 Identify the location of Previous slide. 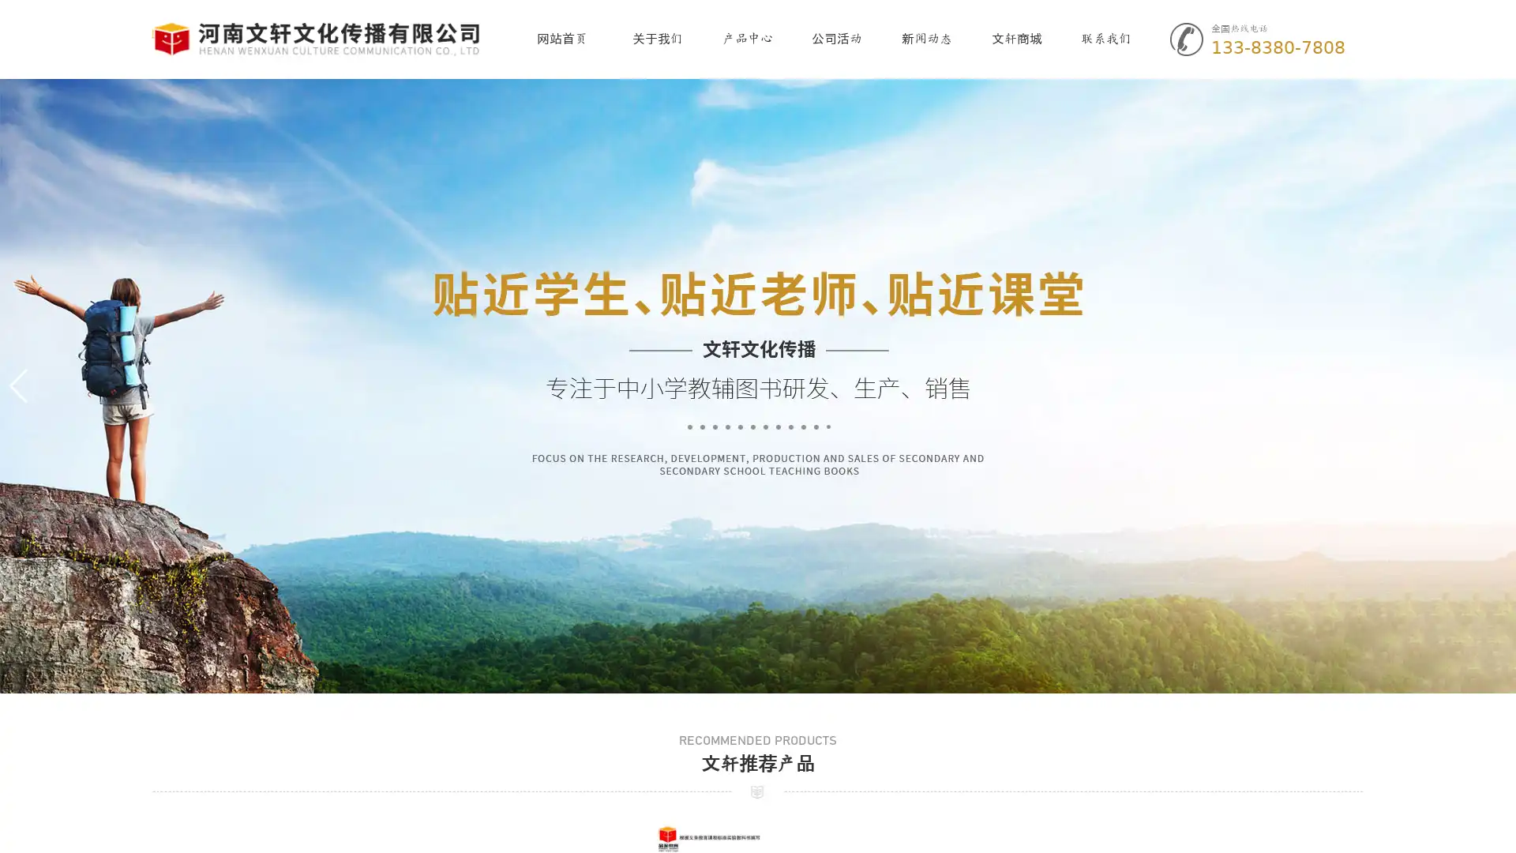
(18, 386).